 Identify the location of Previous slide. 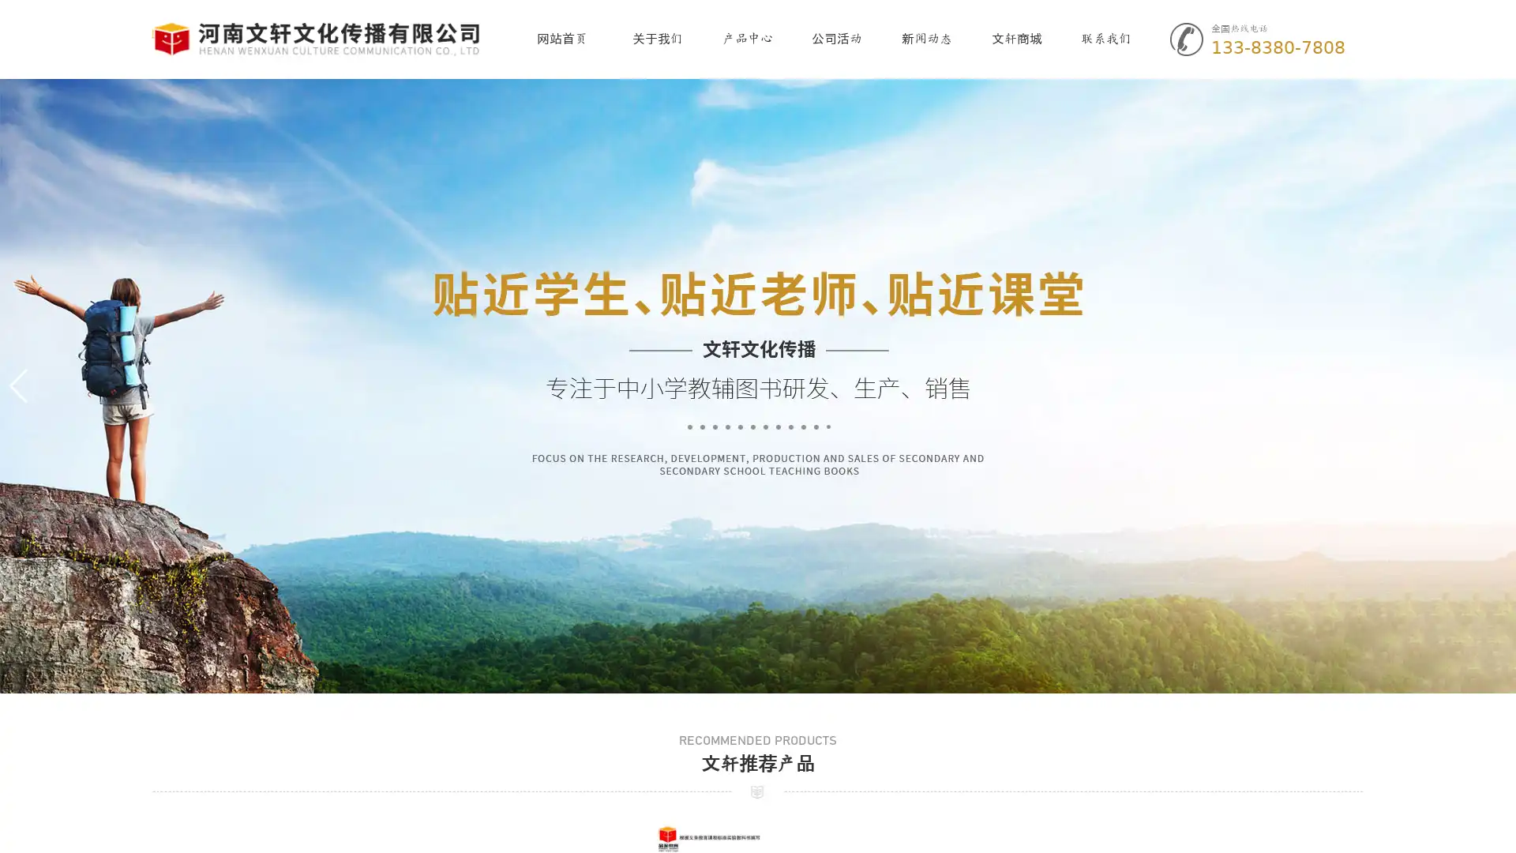
(18, 386).